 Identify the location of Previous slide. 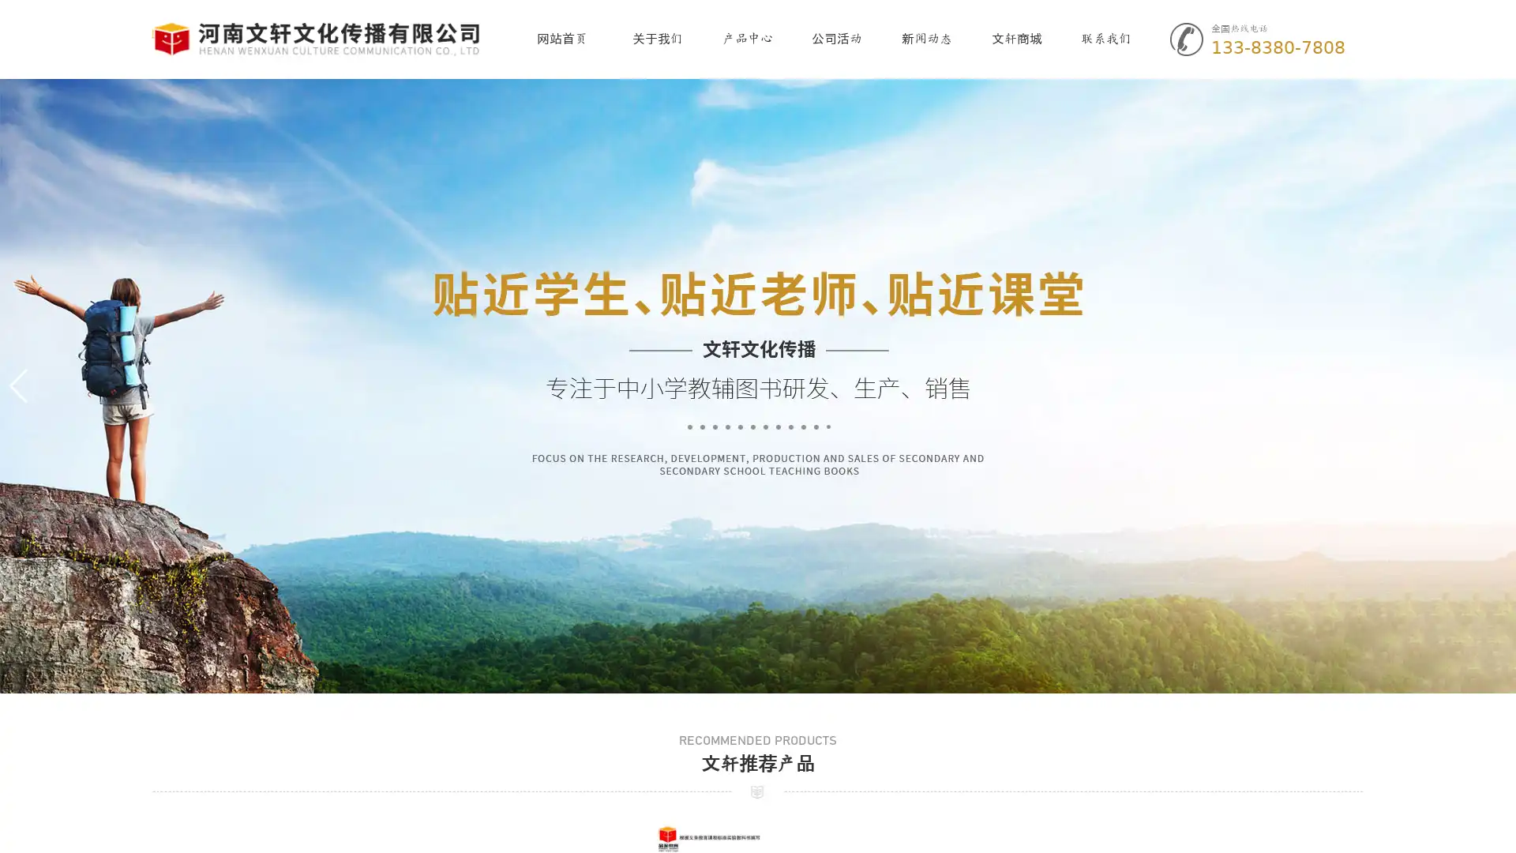
(18, 386).